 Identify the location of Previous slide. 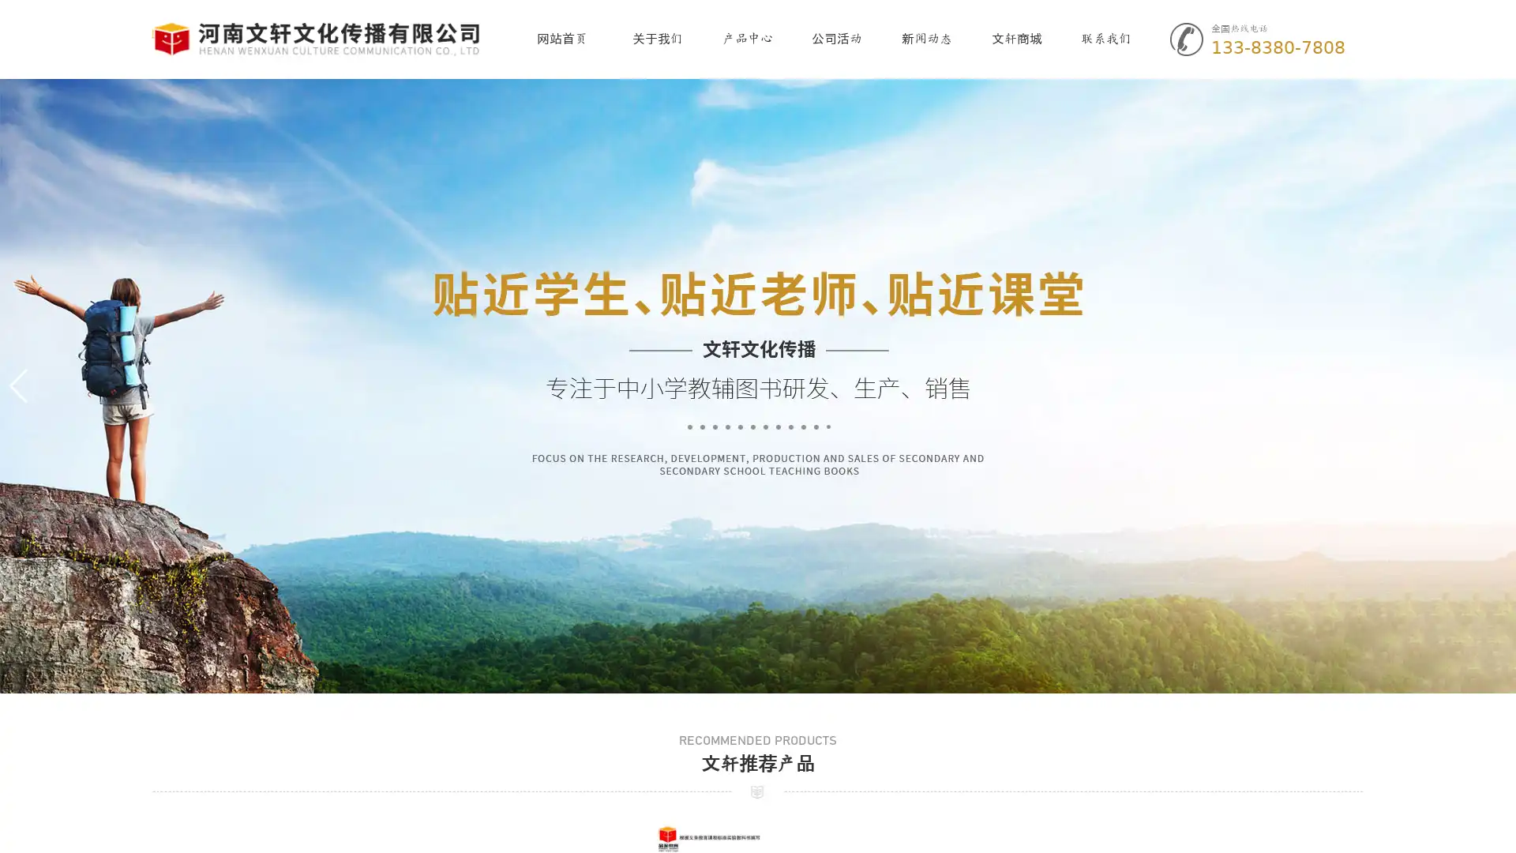
(18, 386).